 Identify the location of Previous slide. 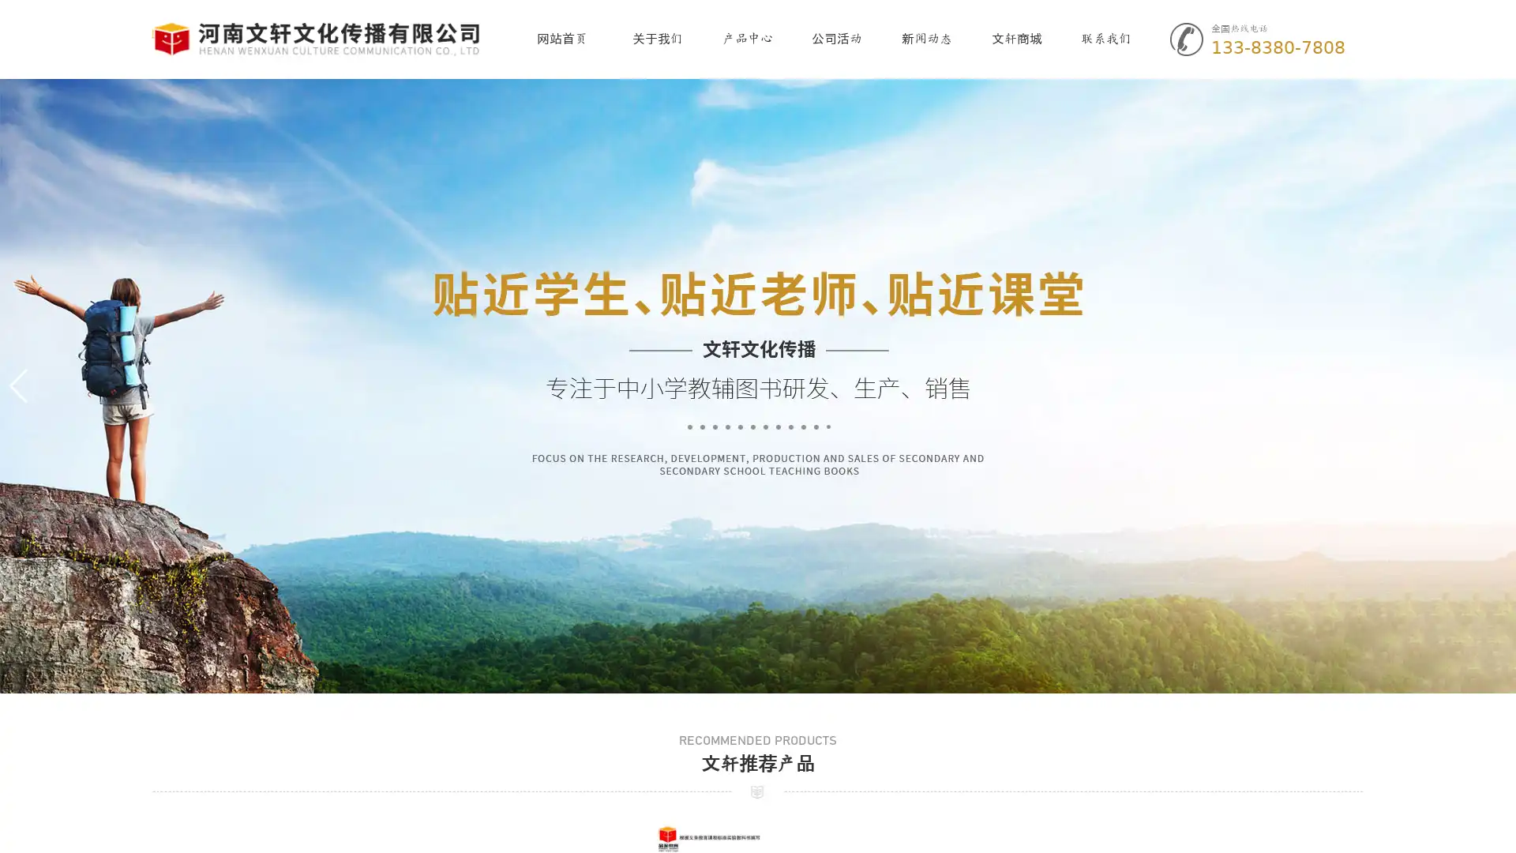
(18, 386).